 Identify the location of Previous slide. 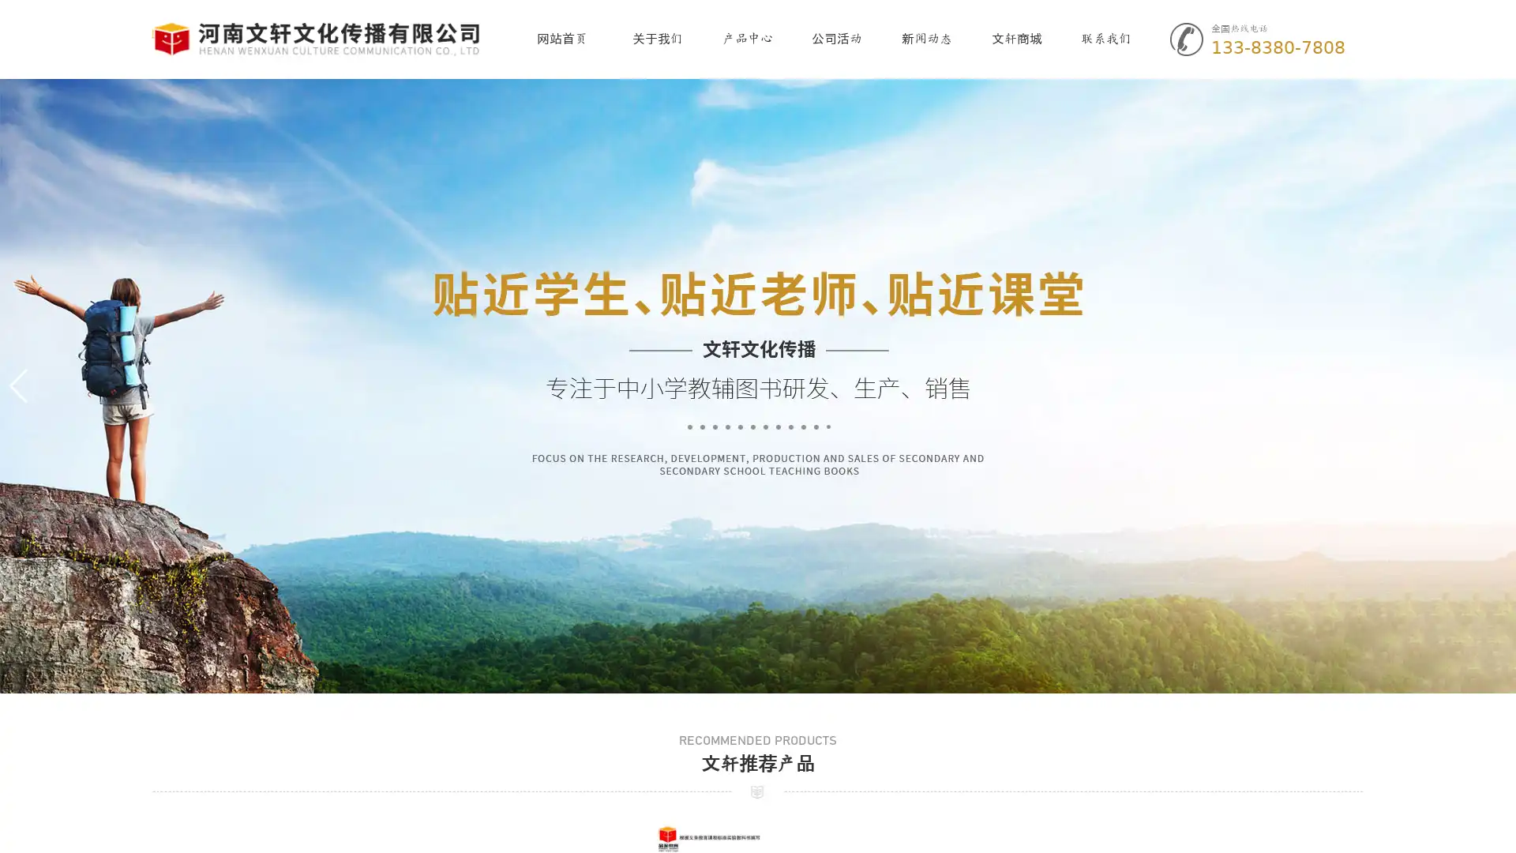
(18, 386).